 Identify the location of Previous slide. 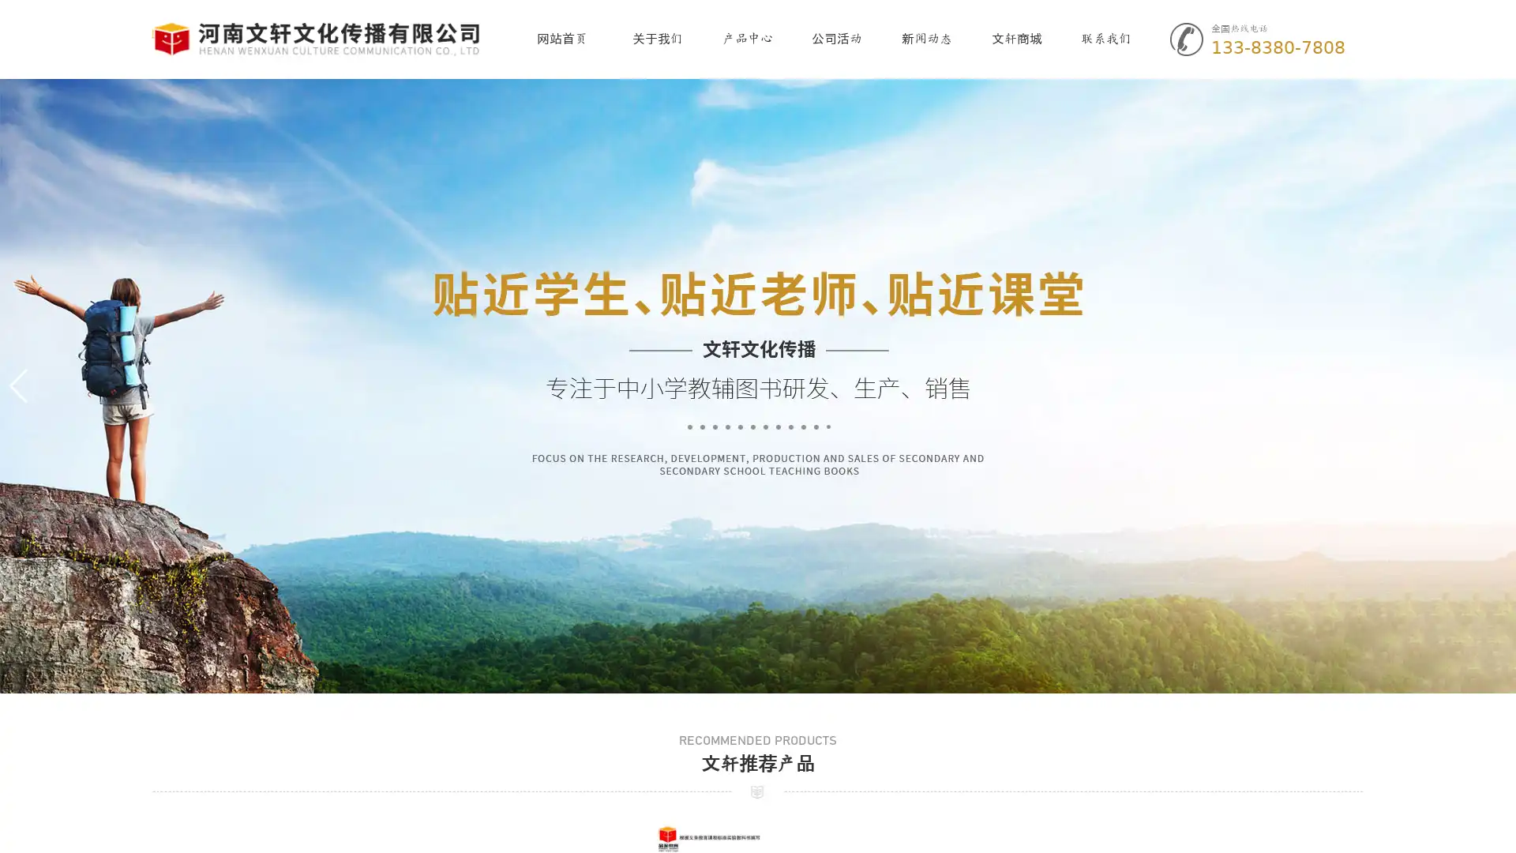
(18, 386).